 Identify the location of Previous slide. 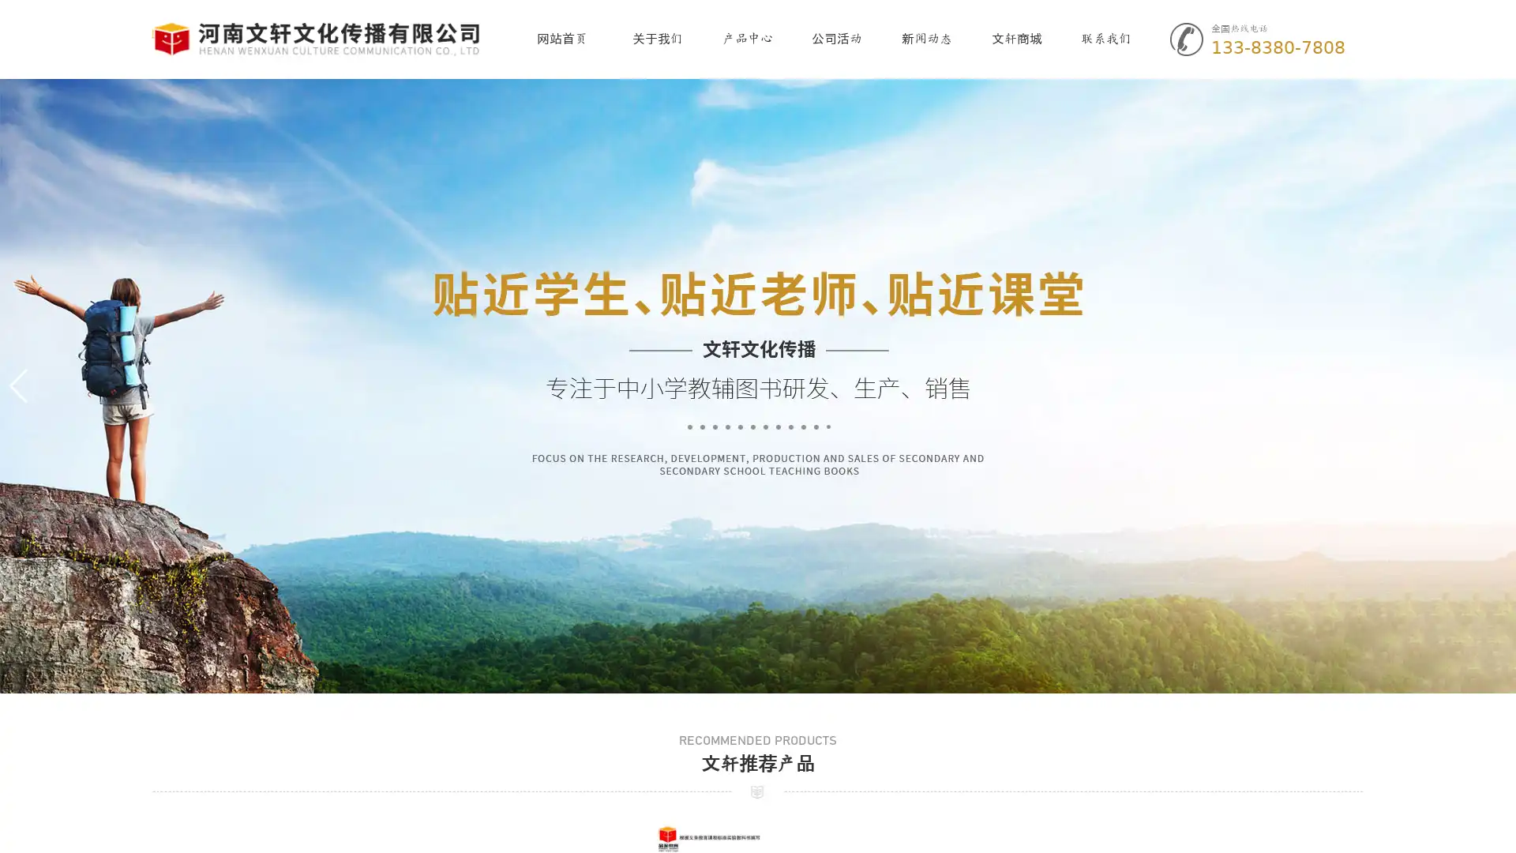
(18, 386).